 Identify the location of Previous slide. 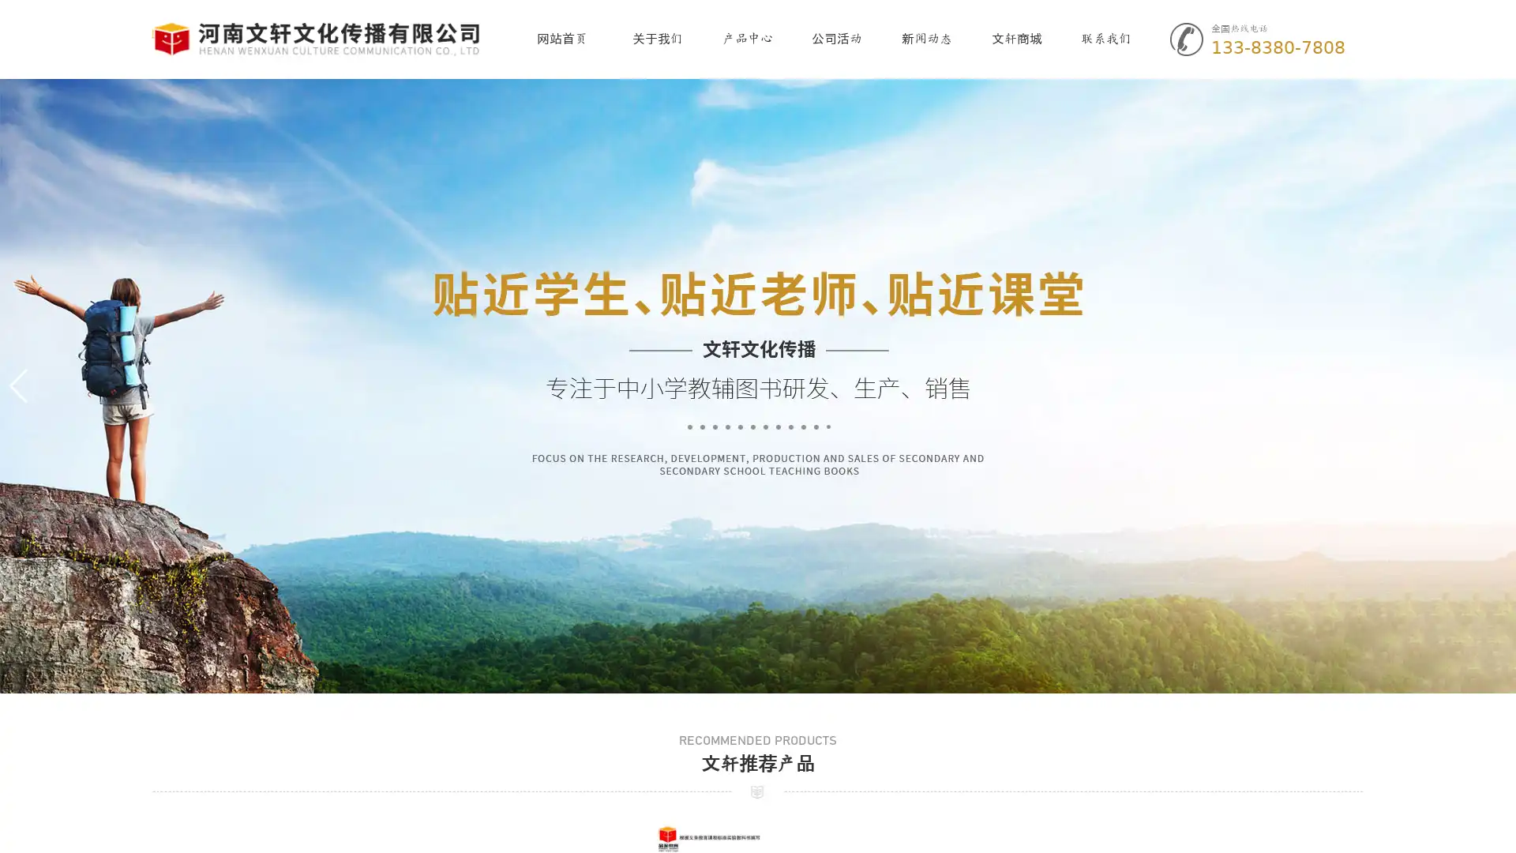
(18, 386).